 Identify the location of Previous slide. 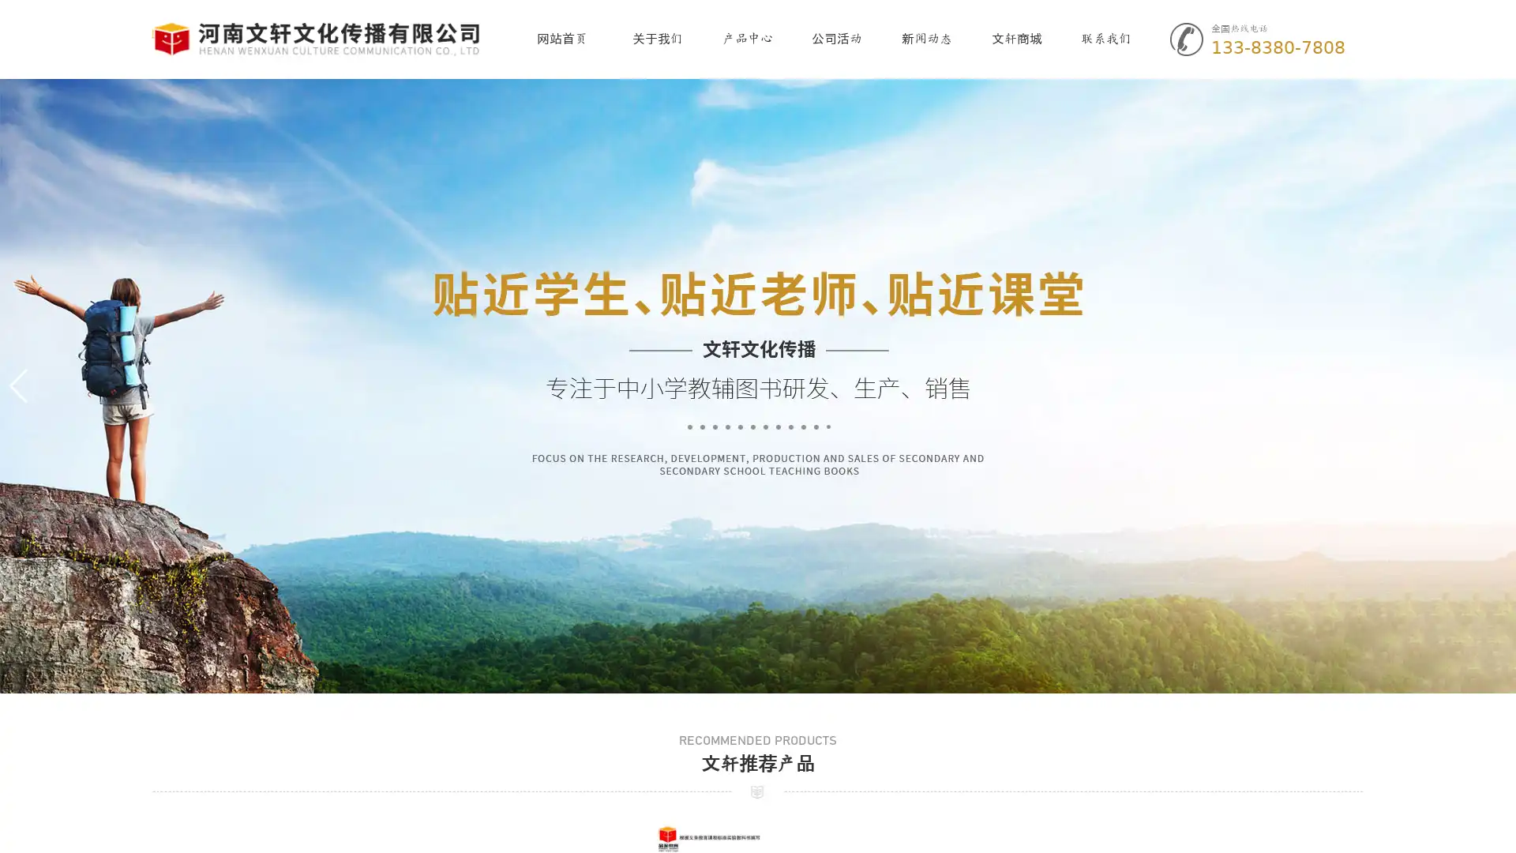
(18, 386).